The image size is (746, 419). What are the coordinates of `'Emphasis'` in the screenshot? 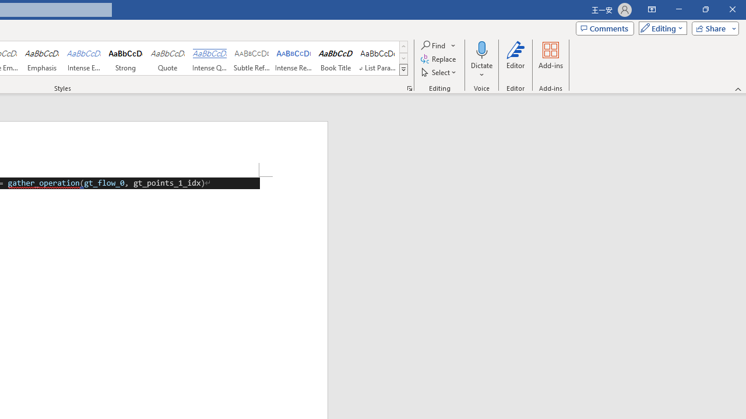 It's located at (41, 58).